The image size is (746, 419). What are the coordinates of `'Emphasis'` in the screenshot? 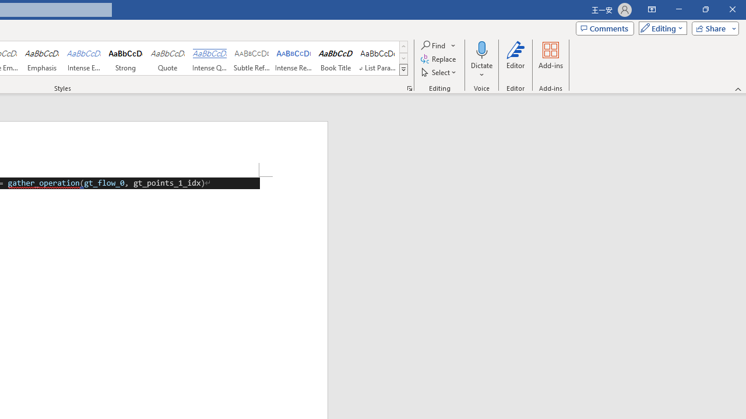 It's located at (41, 58).